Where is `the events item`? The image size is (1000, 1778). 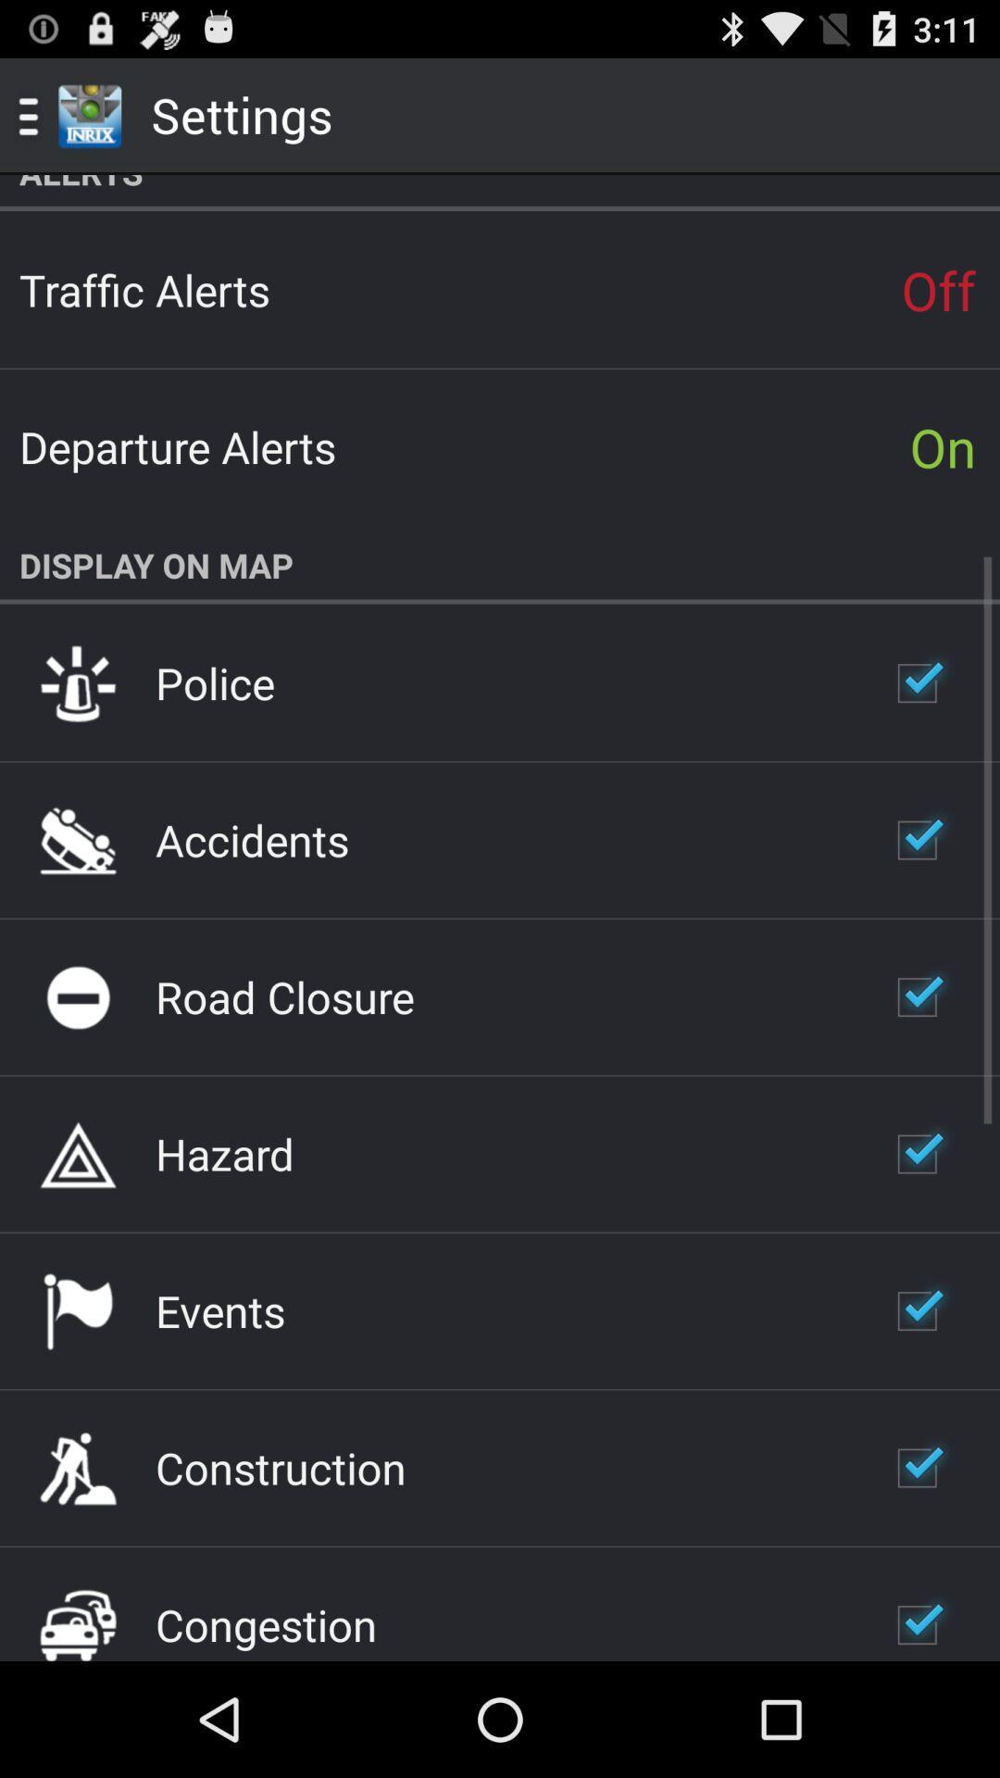
the events item is located at coordinates (219, 1309).